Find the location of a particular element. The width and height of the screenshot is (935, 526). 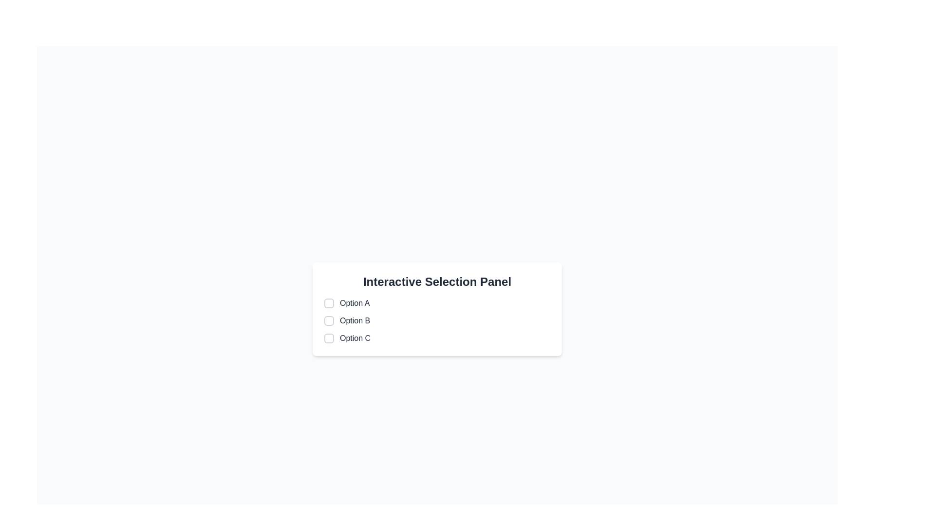

the unmarked checkbox located to the left of the text 'Option A' is located at coordinates (329, 303).